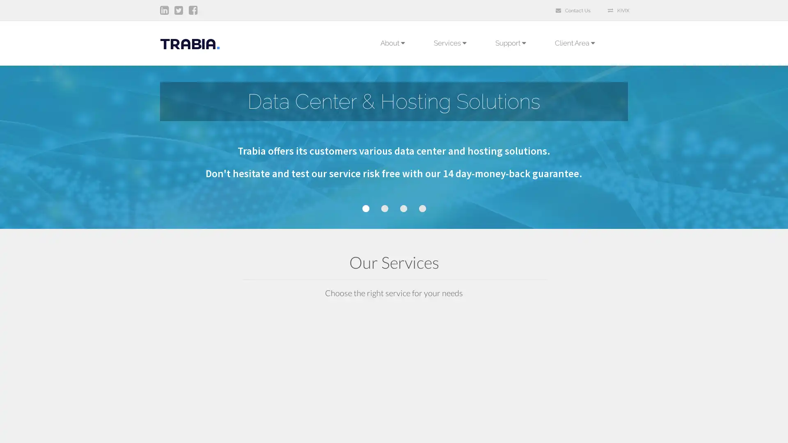 The height and width of the screenshot is (443, 788). I want to click on Client Area, so click(577, 43).